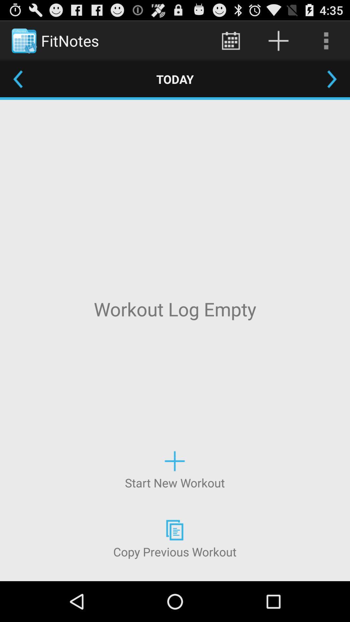  Describe the element at coordinates (17, 79) in the screenshot. I see `the item to the left of the today app` at that location.